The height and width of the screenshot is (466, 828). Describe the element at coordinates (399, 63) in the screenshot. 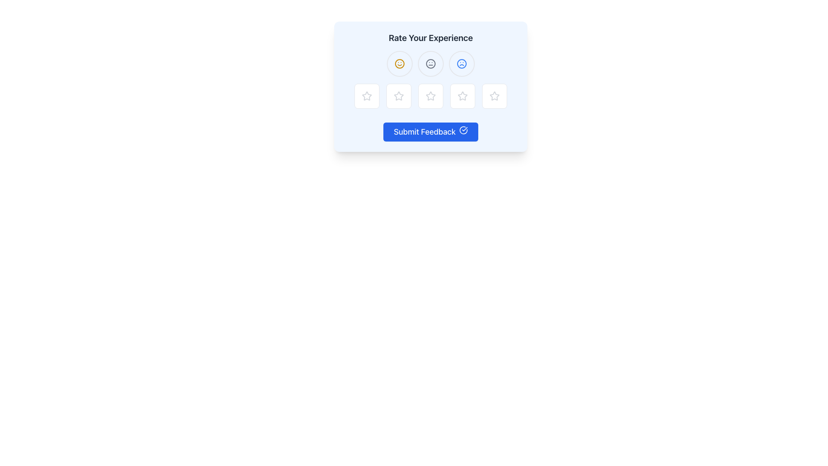

I see `the non-interactive SVG graphical circle that forms the outer shape of the leftmost smiley face icon in the row of three icons at the top of the feedback interface` at that location.